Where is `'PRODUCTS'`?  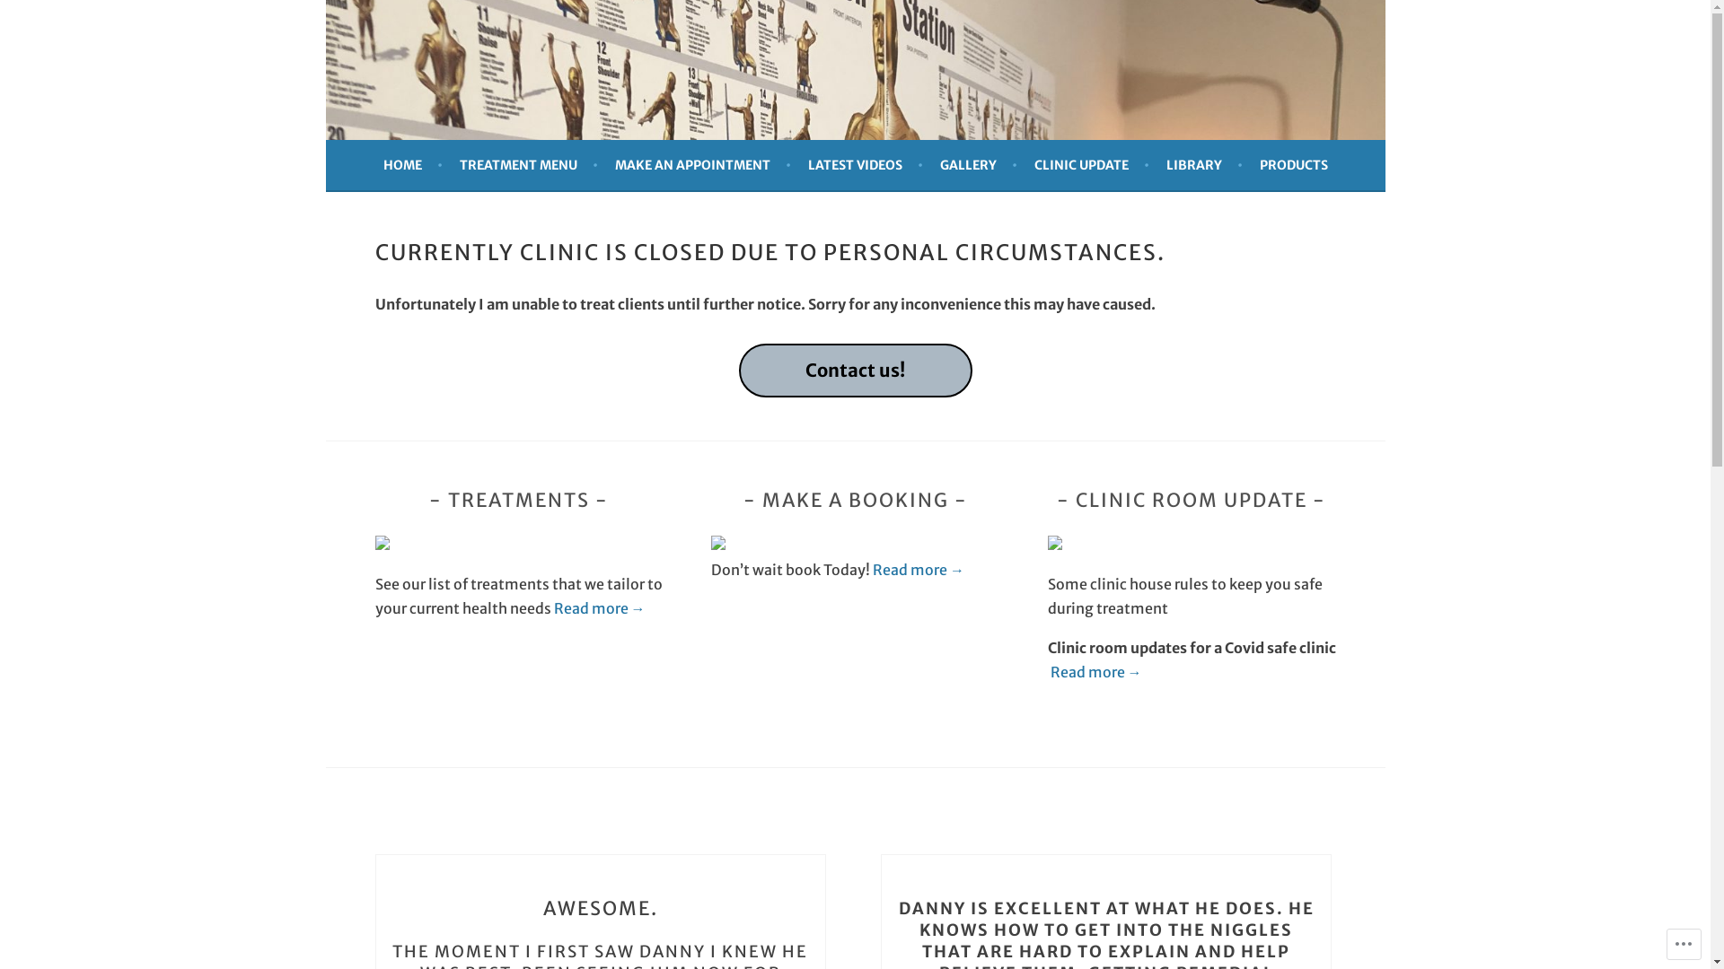 'PRODUCTS' is located at coordinates (1293, 165).